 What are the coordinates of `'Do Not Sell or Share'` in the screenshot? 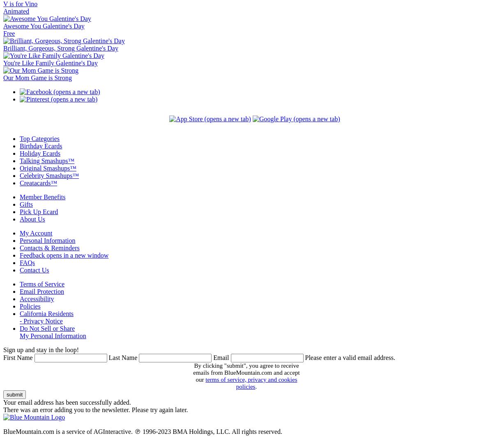 It's located at (47, 328).